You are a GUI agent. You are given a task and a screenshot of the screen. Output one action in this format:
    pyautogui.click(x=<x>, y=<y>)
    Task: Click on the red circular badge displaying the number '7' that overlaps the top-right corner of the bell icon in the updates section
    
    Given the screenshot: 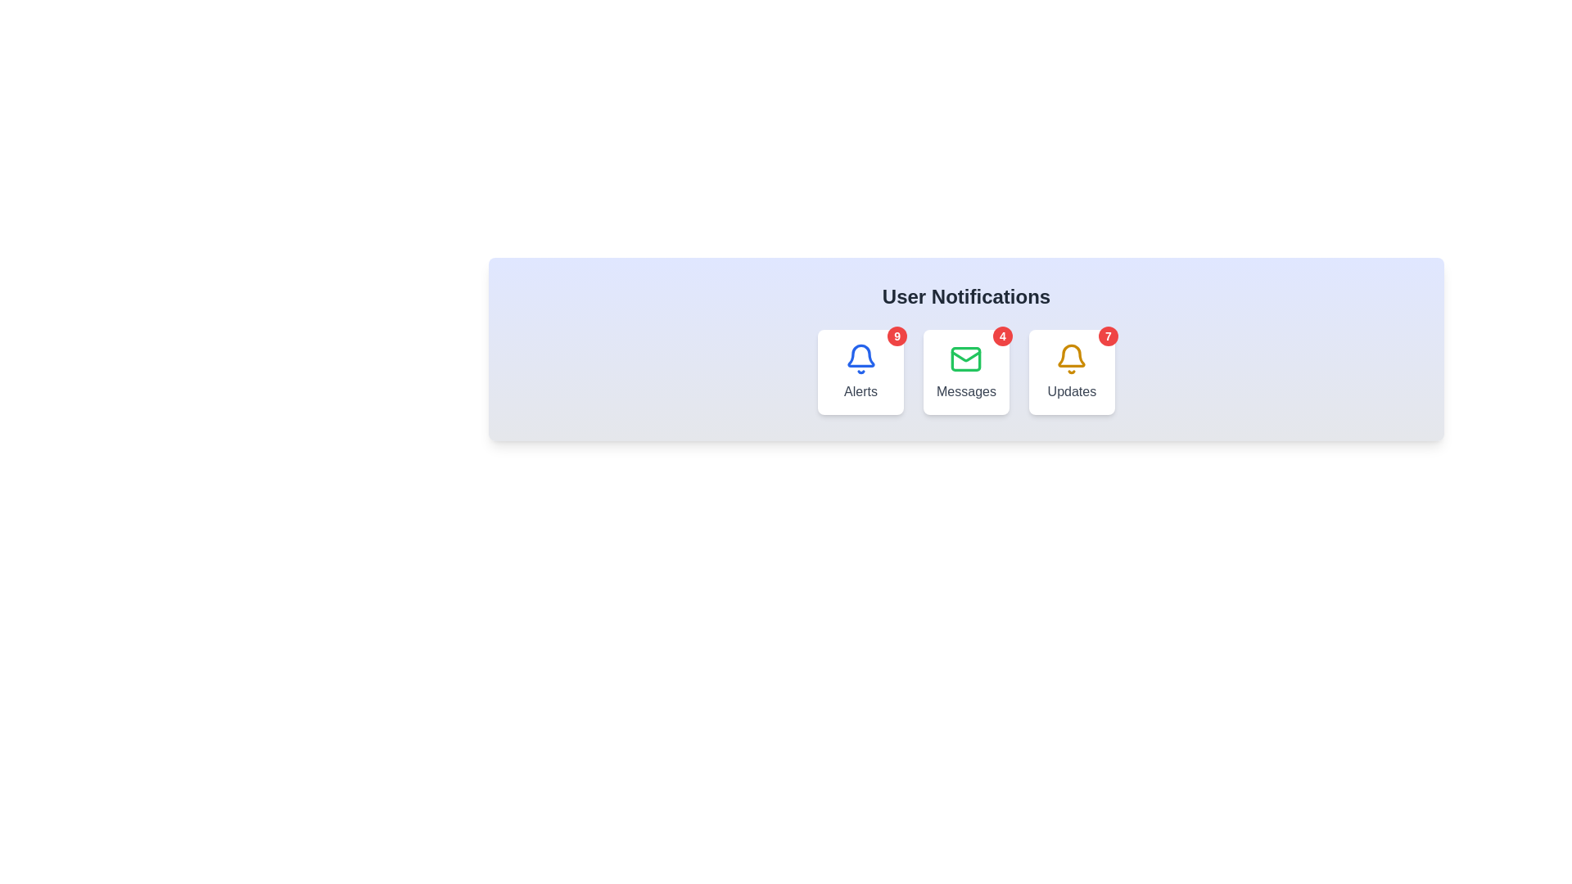 What is the action you would take?
    pyautogui.click(x=1108, y=336)
    